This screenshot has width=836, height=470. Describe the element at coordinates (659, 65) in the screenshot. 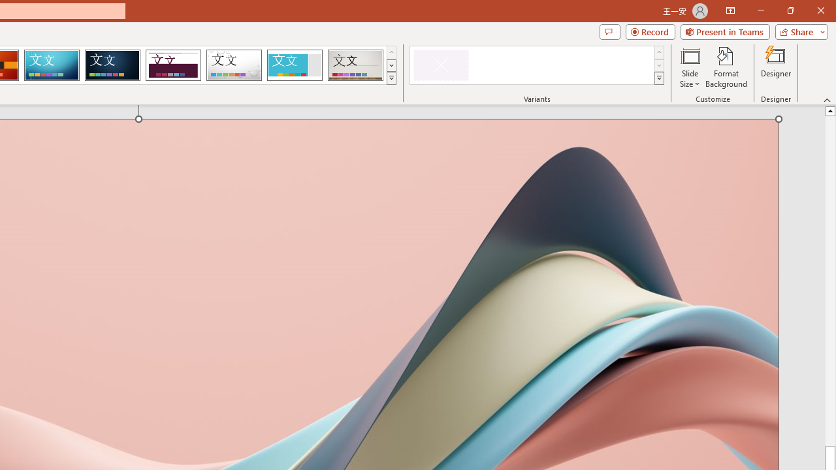

I see `'Row Down'` at that location.